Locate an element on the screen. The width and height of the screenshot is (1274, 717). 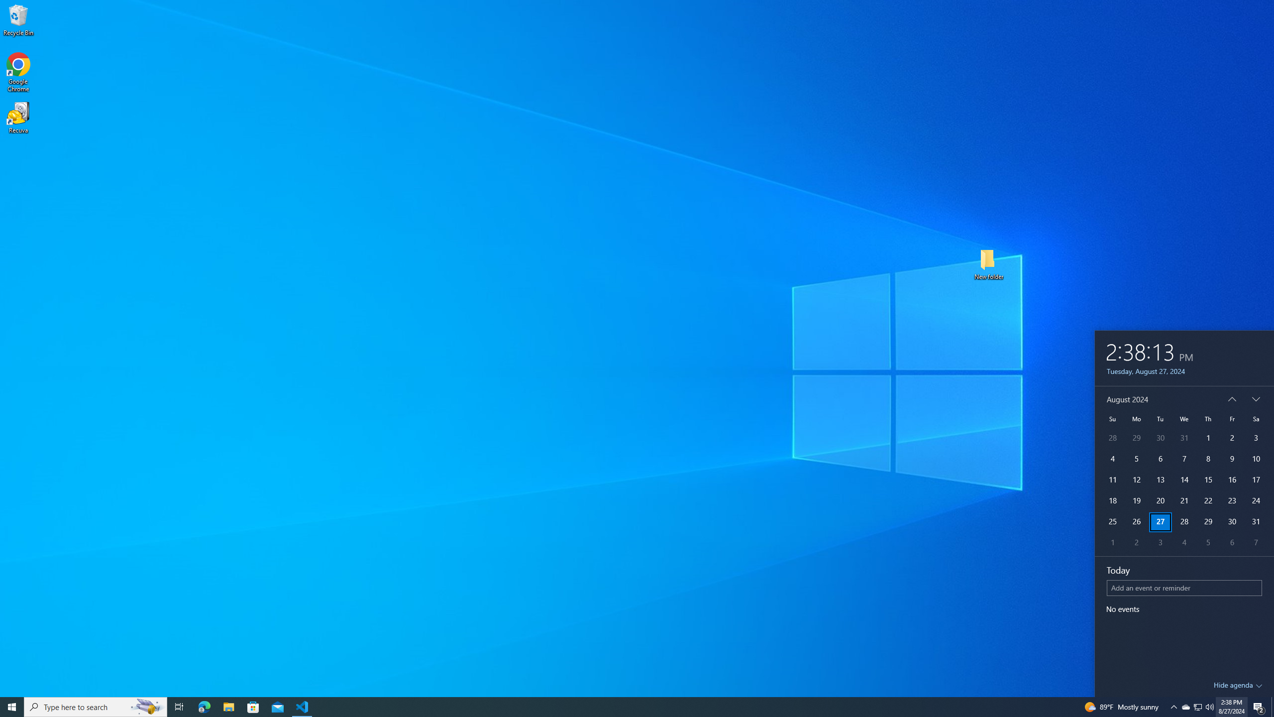
'28' is located at coordinates (1184, 522).